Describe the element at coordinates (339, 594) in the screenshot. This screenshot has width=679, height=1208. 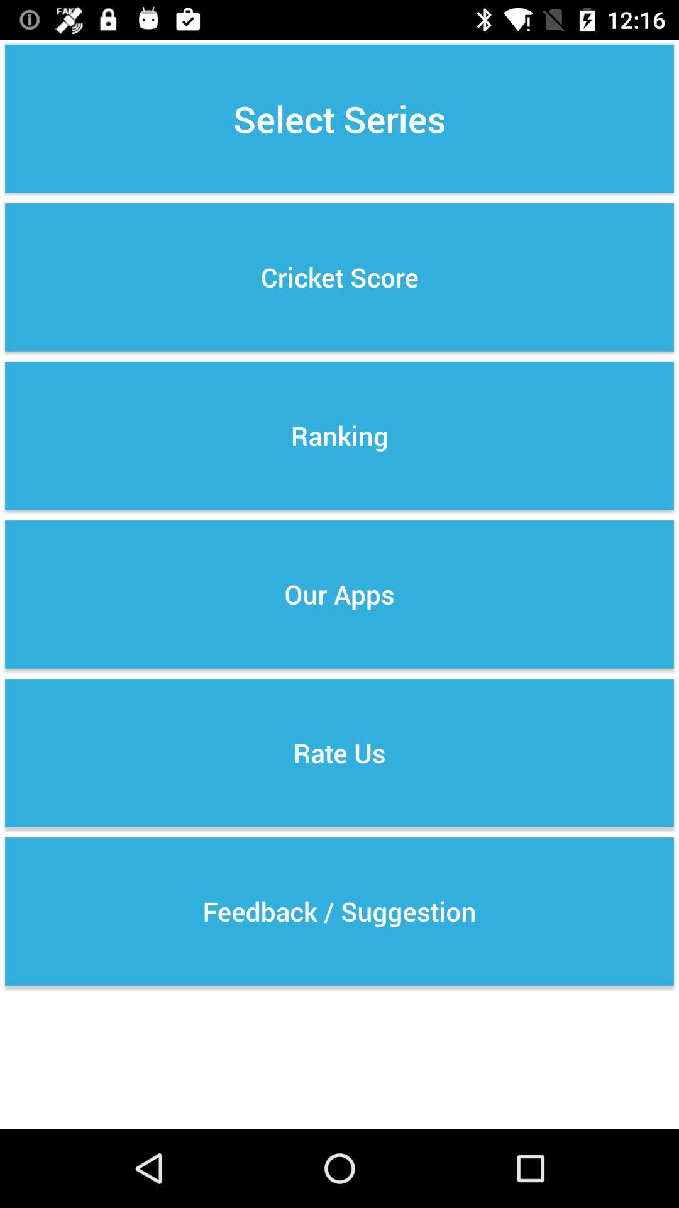
I see `the our apps item` at that location.